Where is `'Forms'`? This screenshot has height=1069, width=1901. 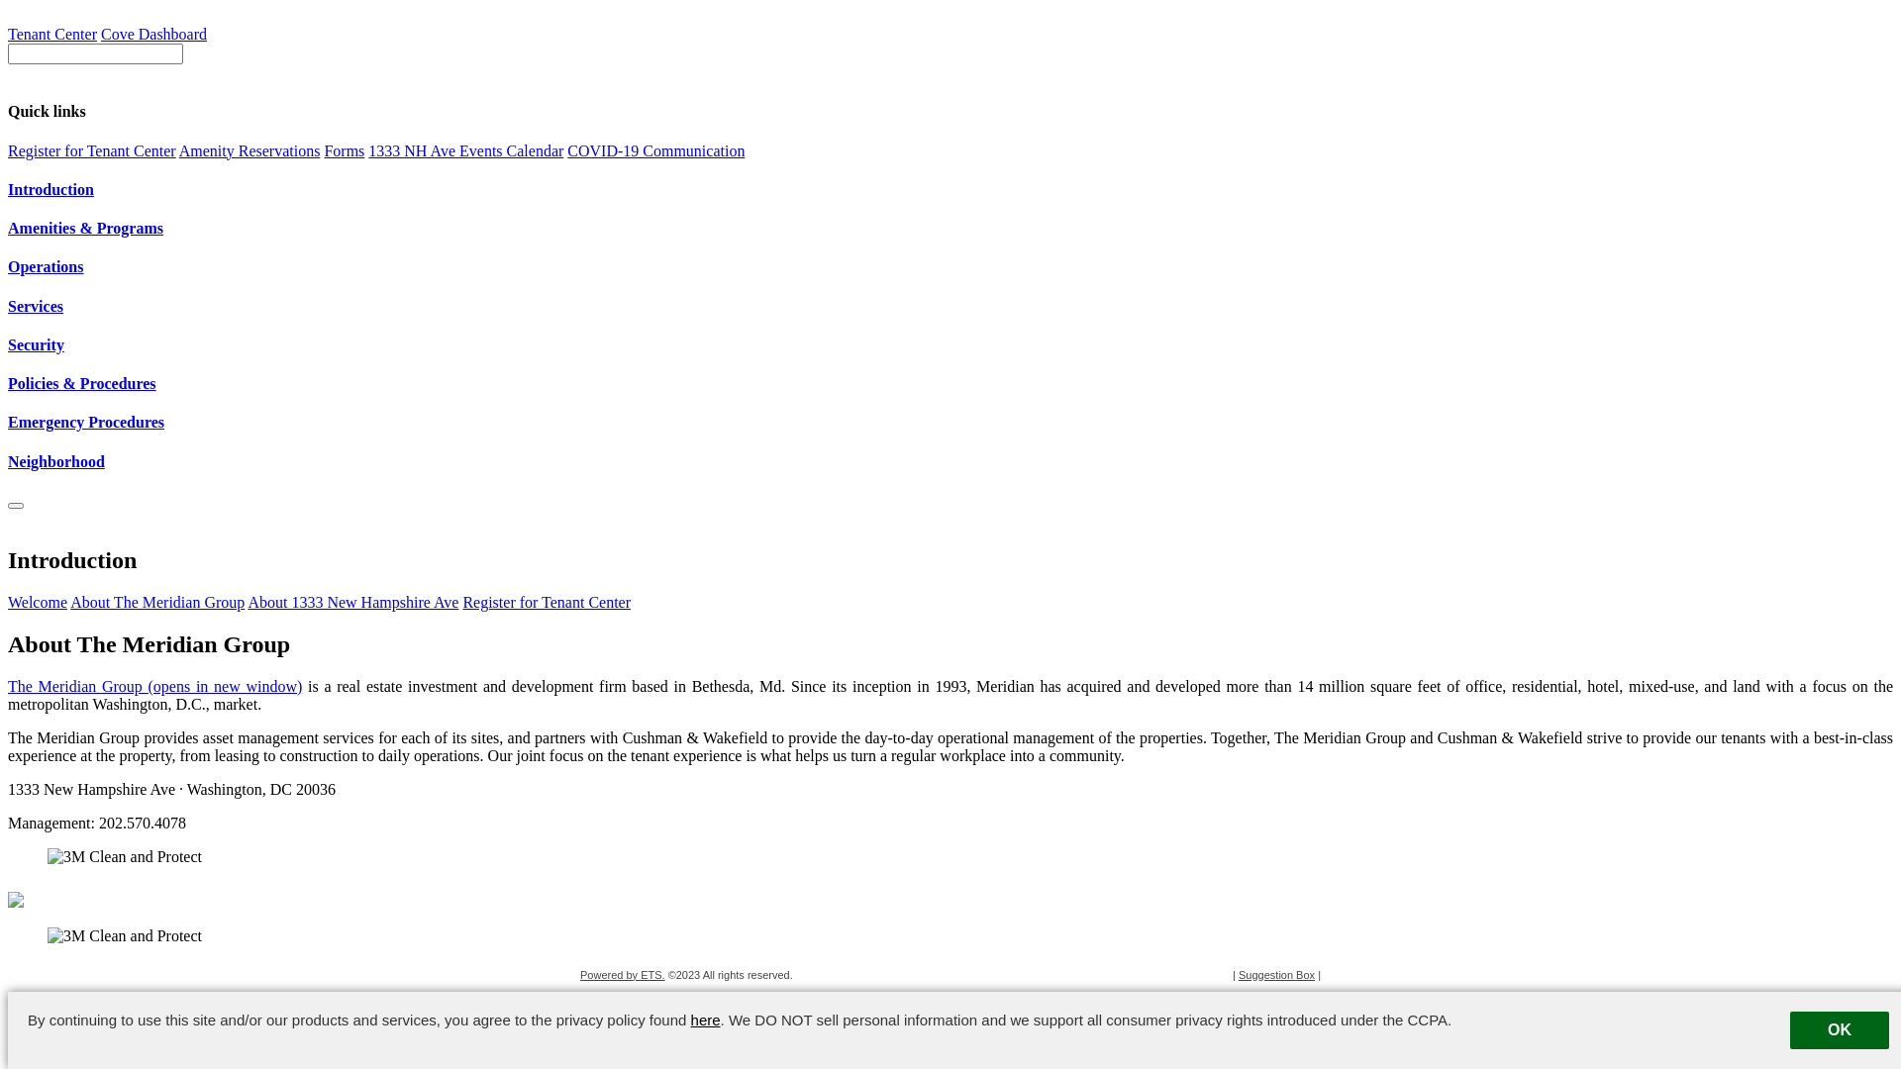
'Forms' is located at coordinates (344, 149).